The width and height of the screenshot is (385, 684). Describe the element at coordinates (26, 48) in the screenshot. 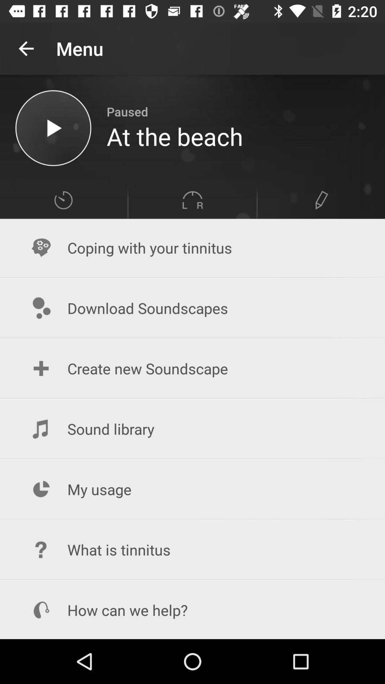

I see `app next to the menu` at that location.